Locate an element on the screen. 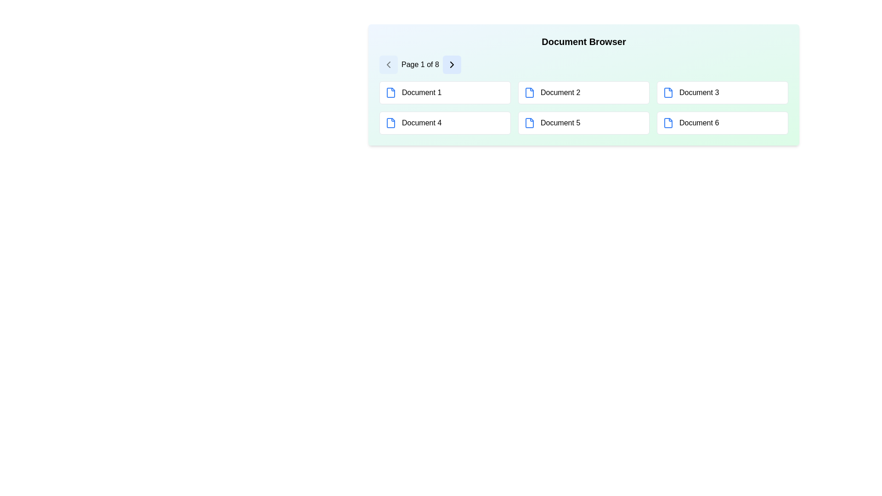 The image size is (882, 496). the decorative icon representing 'Document 1', which is the leftmost icon is located at coordinates (390, 92).